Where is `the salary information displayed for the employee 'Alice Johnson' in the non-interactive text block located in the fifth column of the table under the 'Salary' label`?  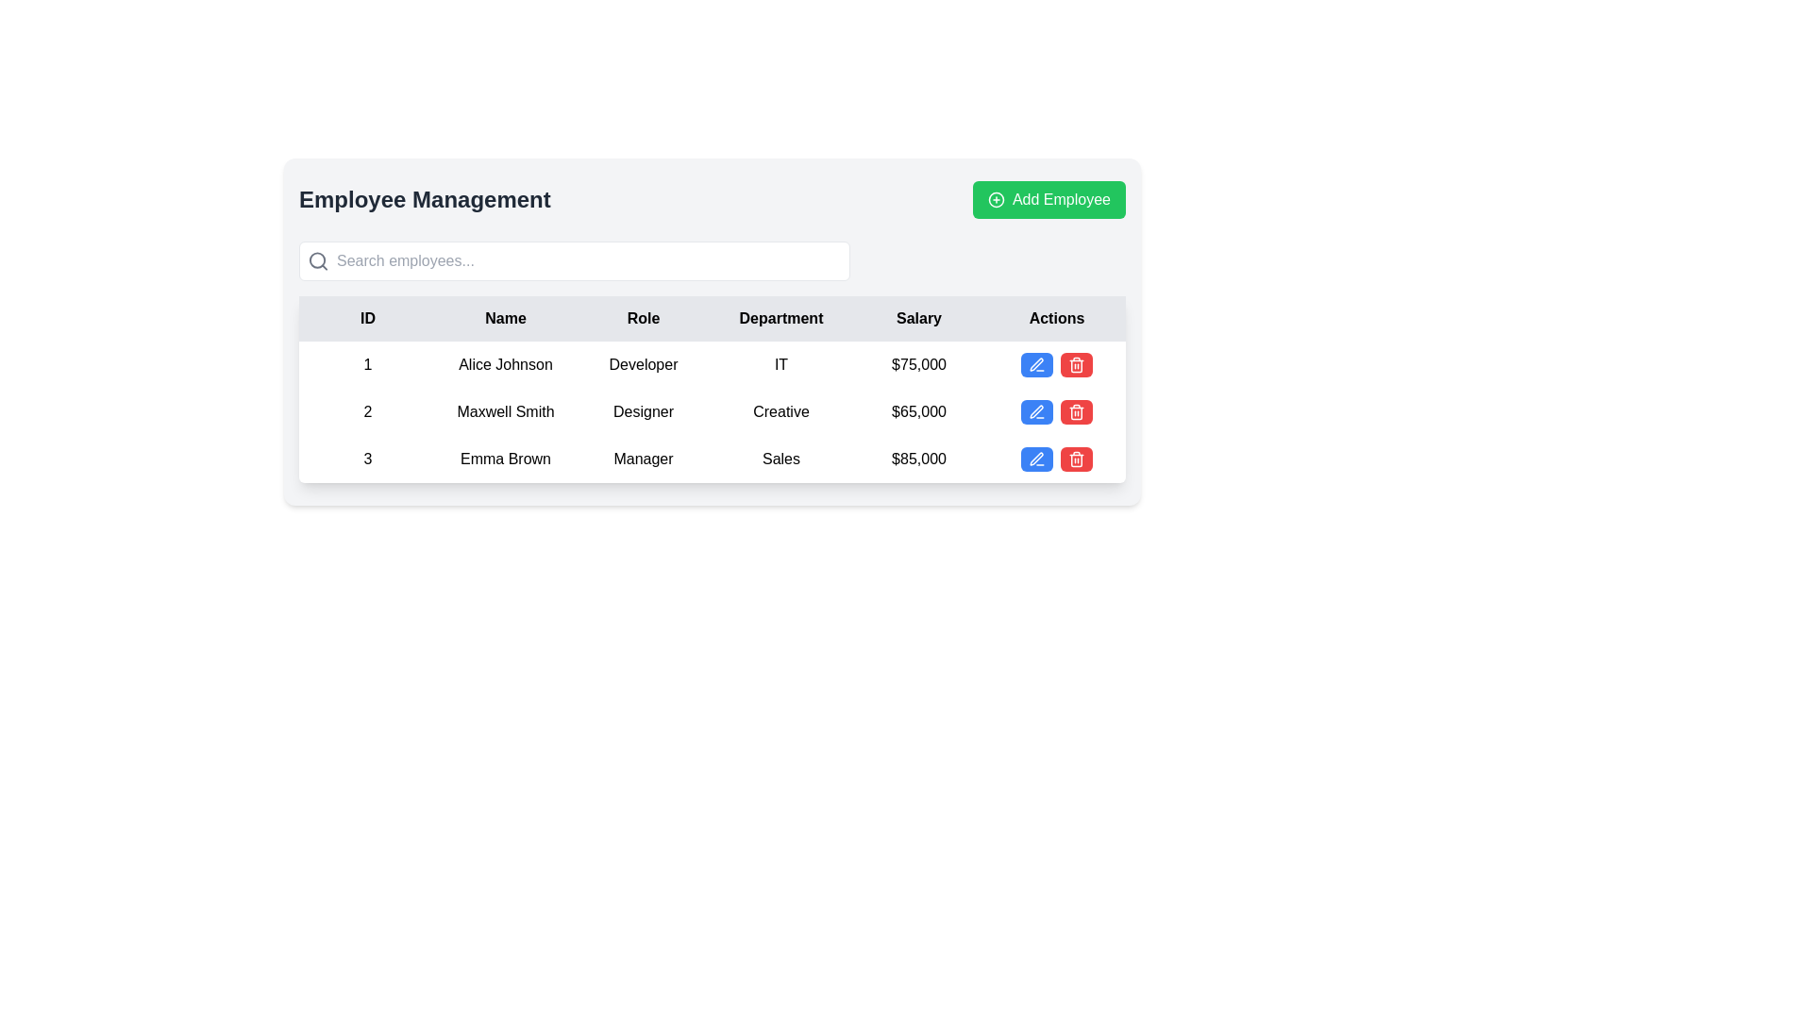
the salary information displayed for the employee 'Alice Johnson' in the non-interactive text block located in the fifth column of the table under the 'Salary' label is located at coordinates (919, 364).